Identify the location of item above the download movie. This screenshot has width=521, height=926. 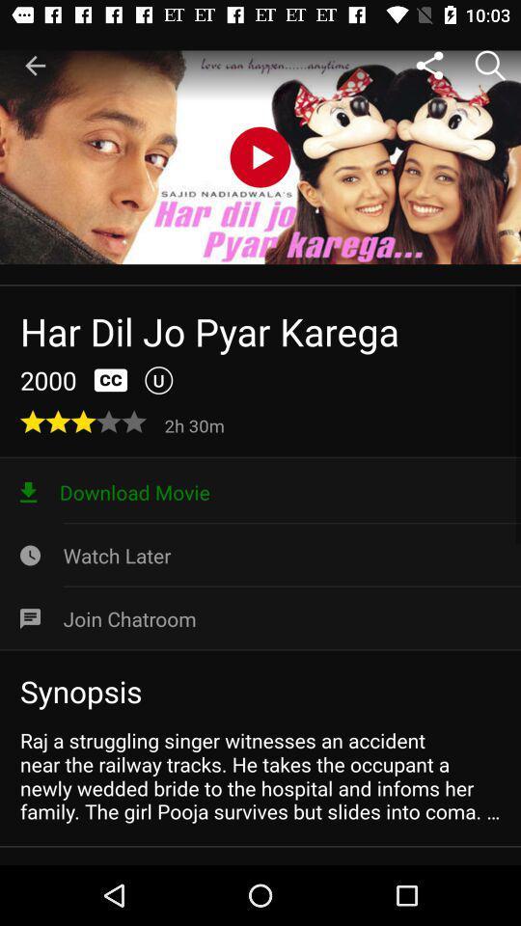
(196, 424).